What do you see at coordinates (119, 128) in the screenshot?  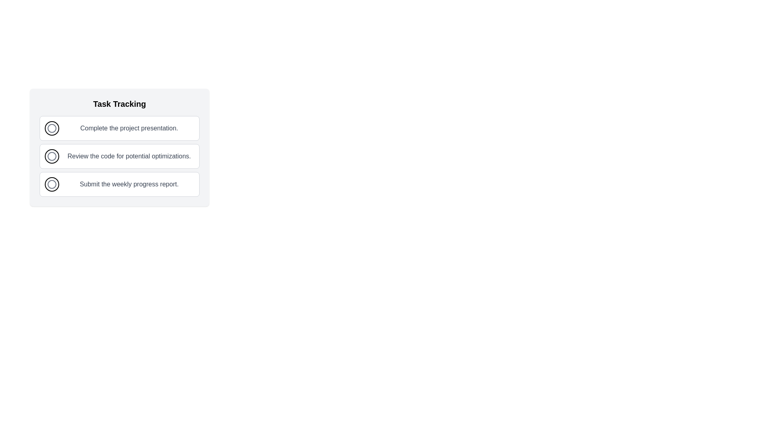 I see `the first To-do list item labeled 'Complete the project presentation.' to trigger a tooltip` at bounding box center [119, 128].